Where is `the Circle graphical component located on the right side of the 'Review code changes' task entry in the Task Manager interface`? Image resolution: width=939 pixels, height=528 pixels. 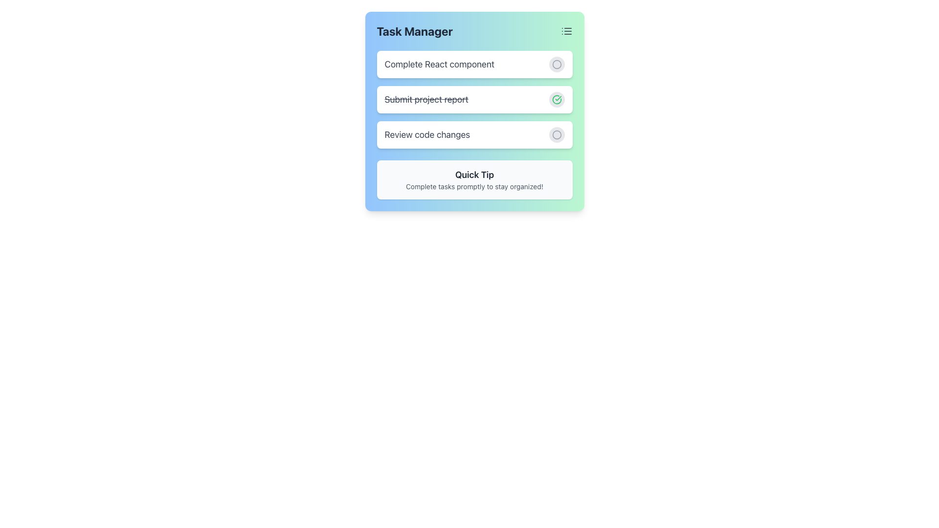
the Circle graphical component located on the right side of the 'Review code changes' task entry in the Task Manager interface is located at coordinates (557, 135).